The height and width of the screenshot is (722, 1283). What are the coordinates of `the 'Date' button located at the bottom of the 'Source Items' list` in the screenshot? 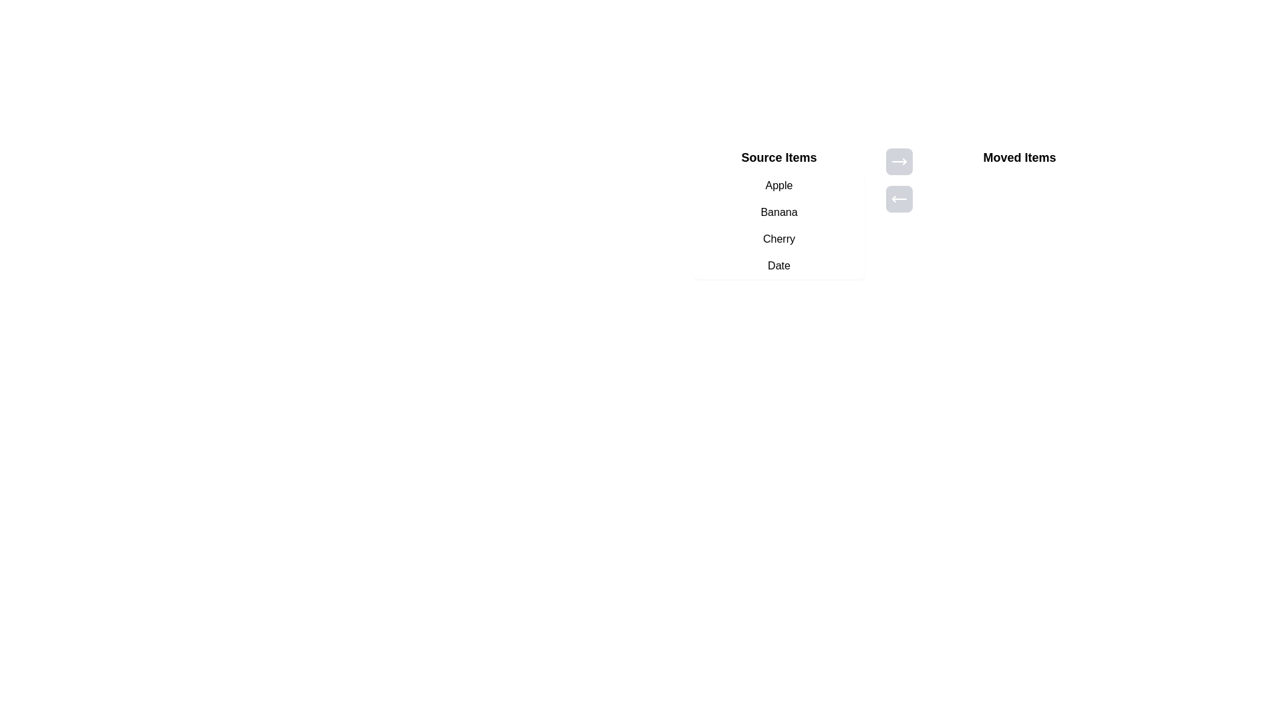 It's located at (779, 265).